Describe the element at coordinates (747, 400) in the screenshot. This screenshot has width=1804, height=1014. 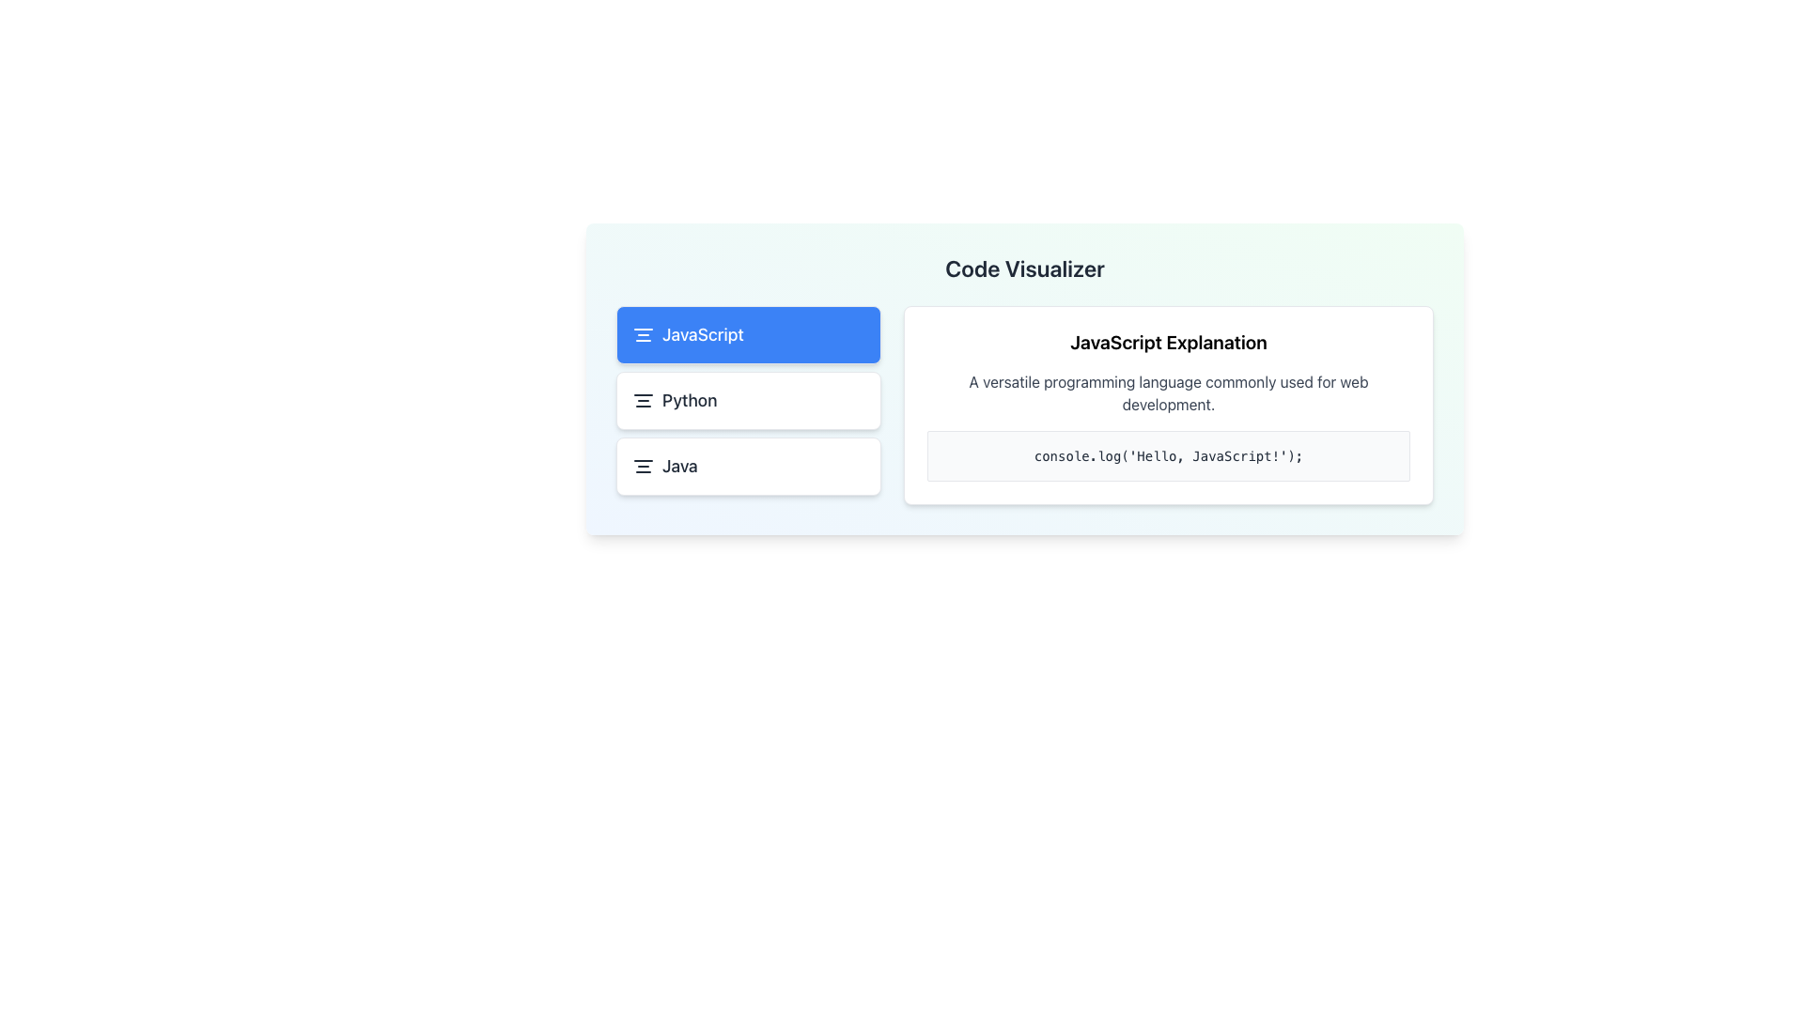
I see `the middle button in the vertical group of three buttons, located under the 'JavaScript' button and above the 'Java' button` at that location.